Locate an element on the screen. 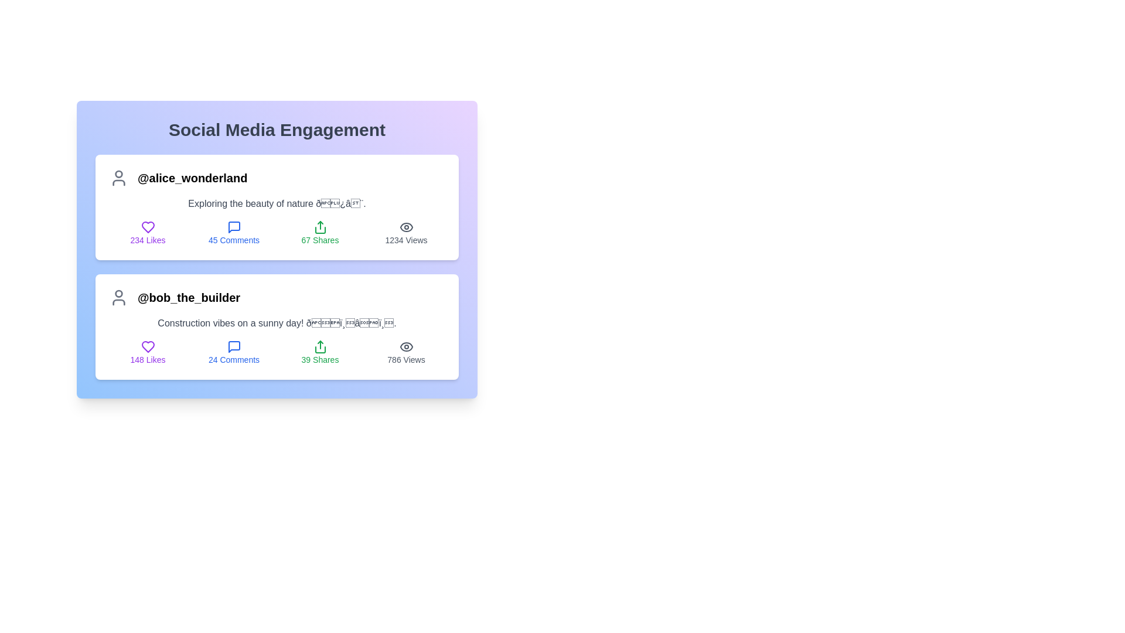 The image size is (1125, 633). text displayed in the Text block of the social media post made by '@bob_the_builder', located below the username and above the engagement statistics of the second post is located at coordinates (277, 323).